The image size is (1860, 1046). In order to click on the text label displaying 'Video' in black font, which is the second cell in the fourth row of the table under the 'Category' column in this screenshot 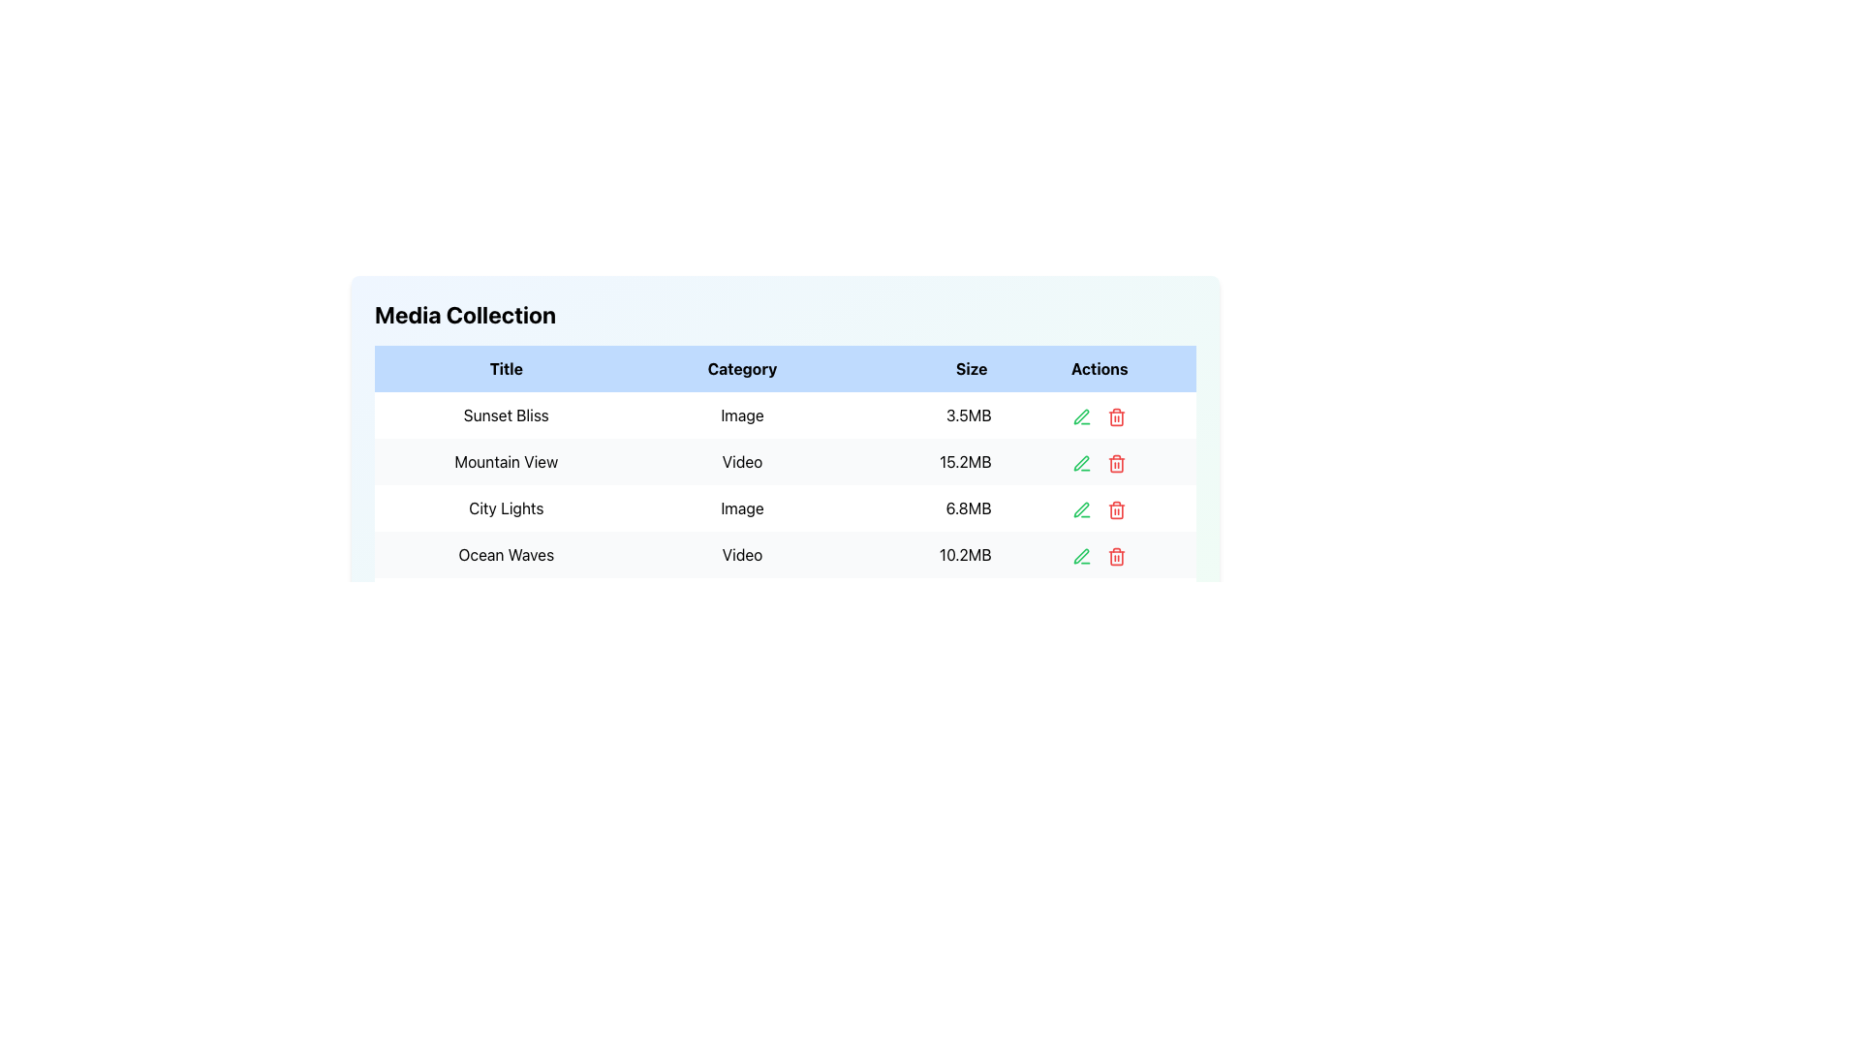, I will do `click(741, 555)`.